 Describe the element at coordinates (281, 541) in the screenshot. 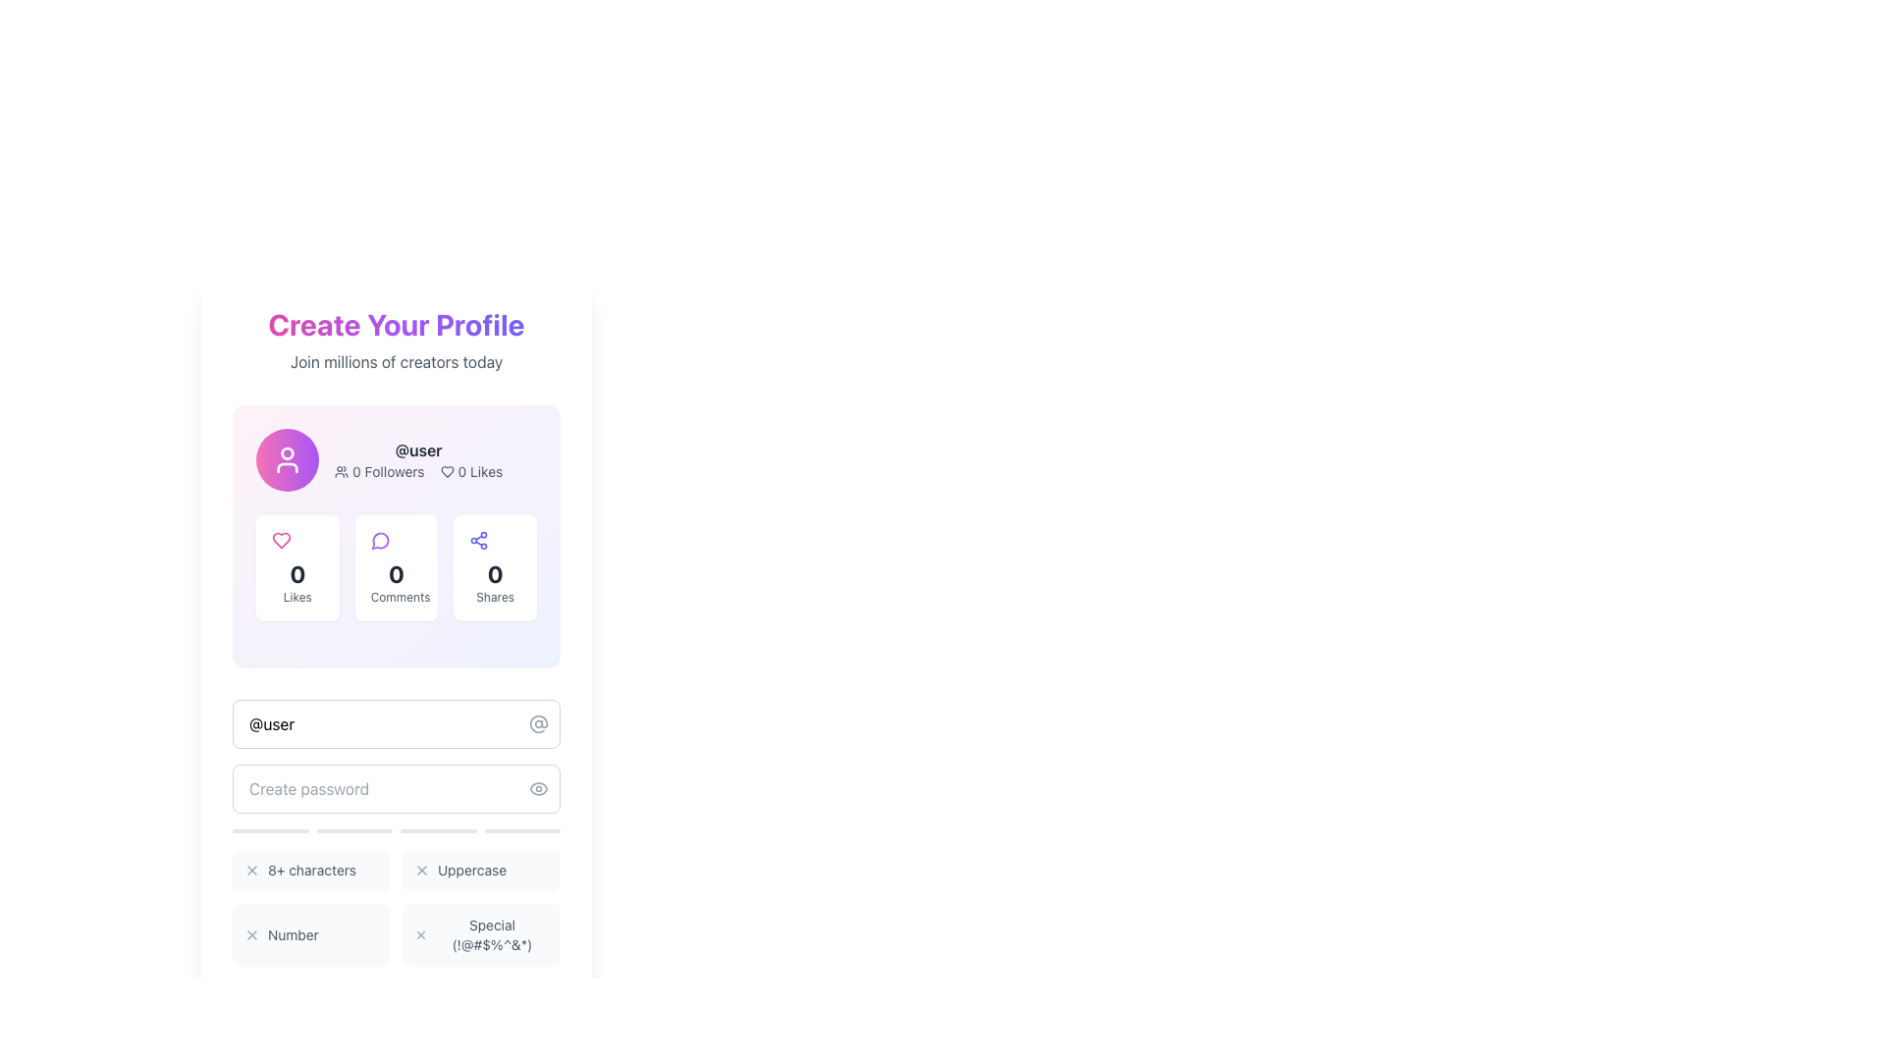

I see `the heart icon` at that location.